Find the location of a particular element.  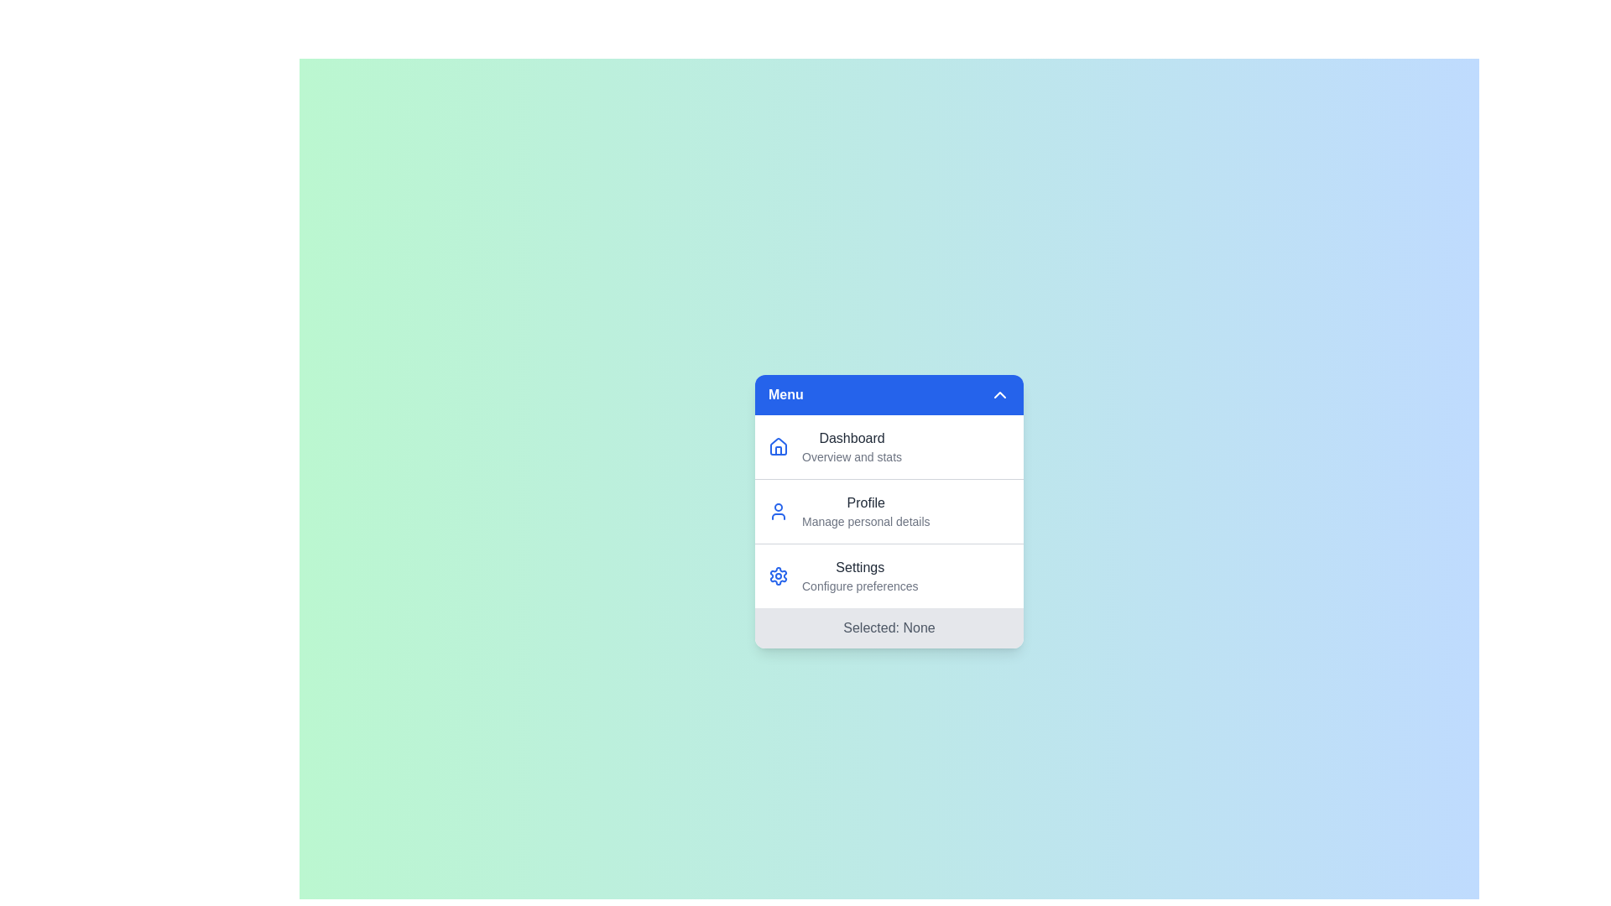

the menu item Dashboard from the menu is located at coordinates (851, 445).